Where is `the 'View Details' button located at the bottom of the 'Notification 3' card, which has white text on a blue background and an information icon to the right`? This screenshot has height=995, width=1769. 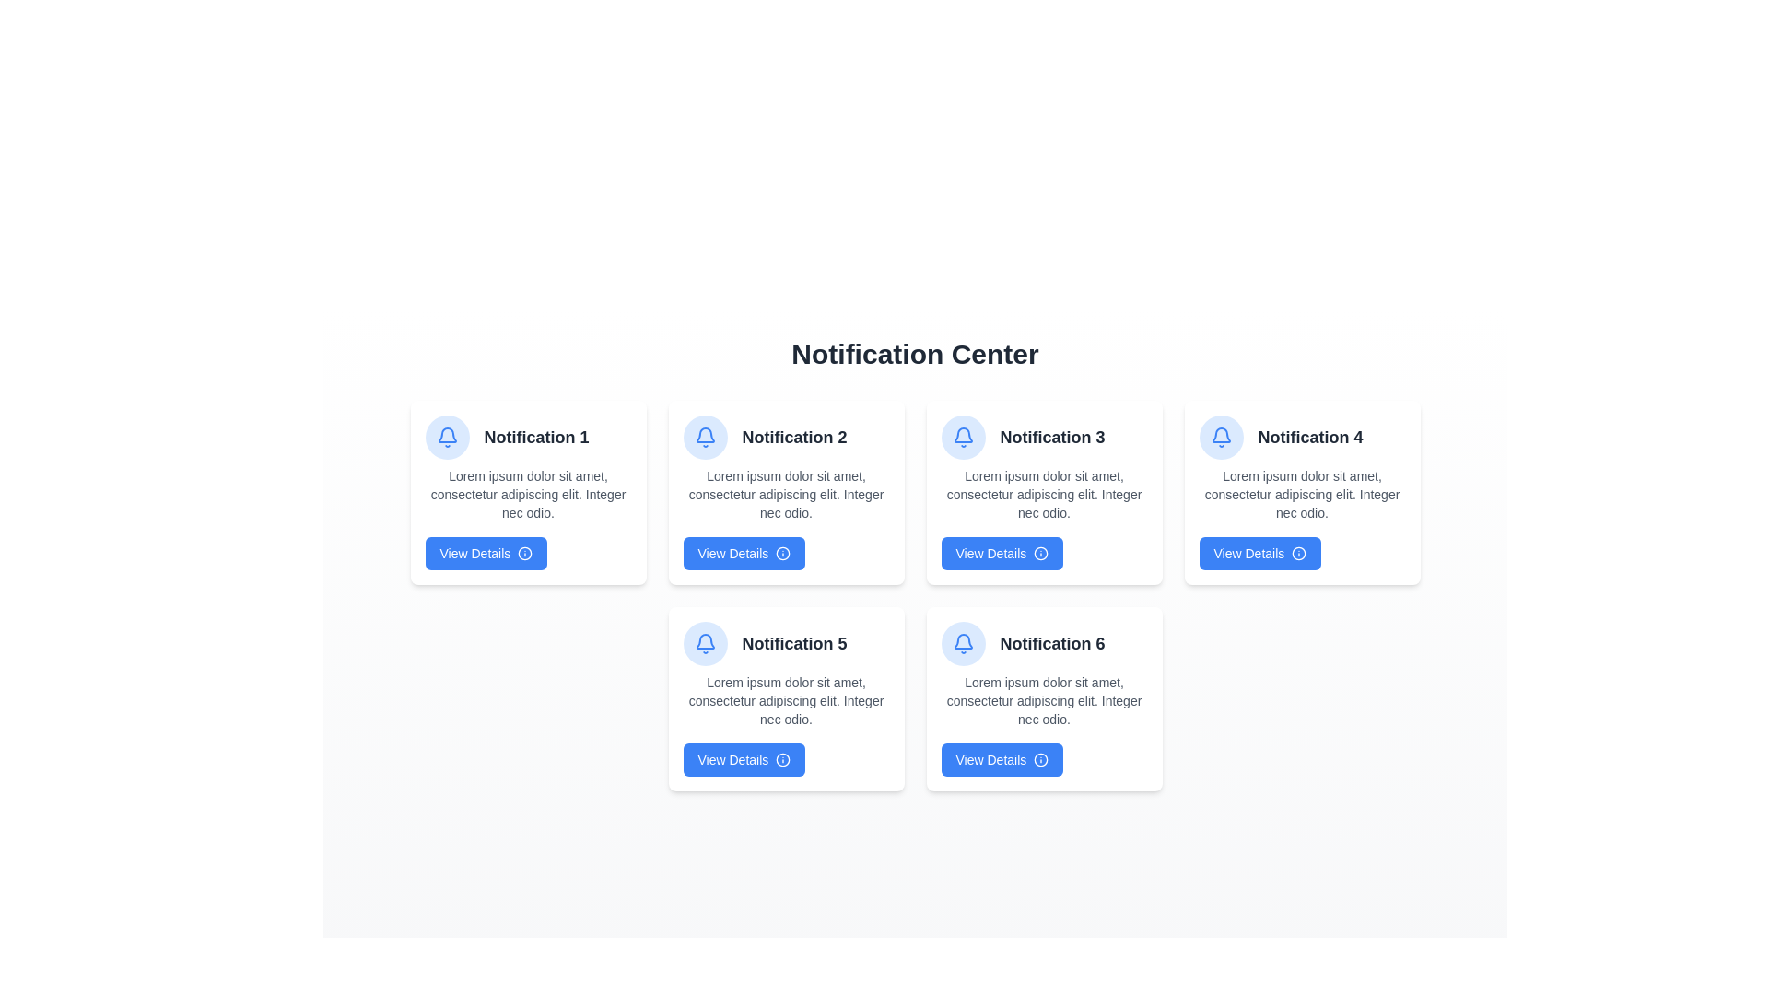 the 'View Details' button located at the bottom of the 'Notification 3' card, which has white text on a blue background and an information icon to the right is located at coordinates (1001, 553).